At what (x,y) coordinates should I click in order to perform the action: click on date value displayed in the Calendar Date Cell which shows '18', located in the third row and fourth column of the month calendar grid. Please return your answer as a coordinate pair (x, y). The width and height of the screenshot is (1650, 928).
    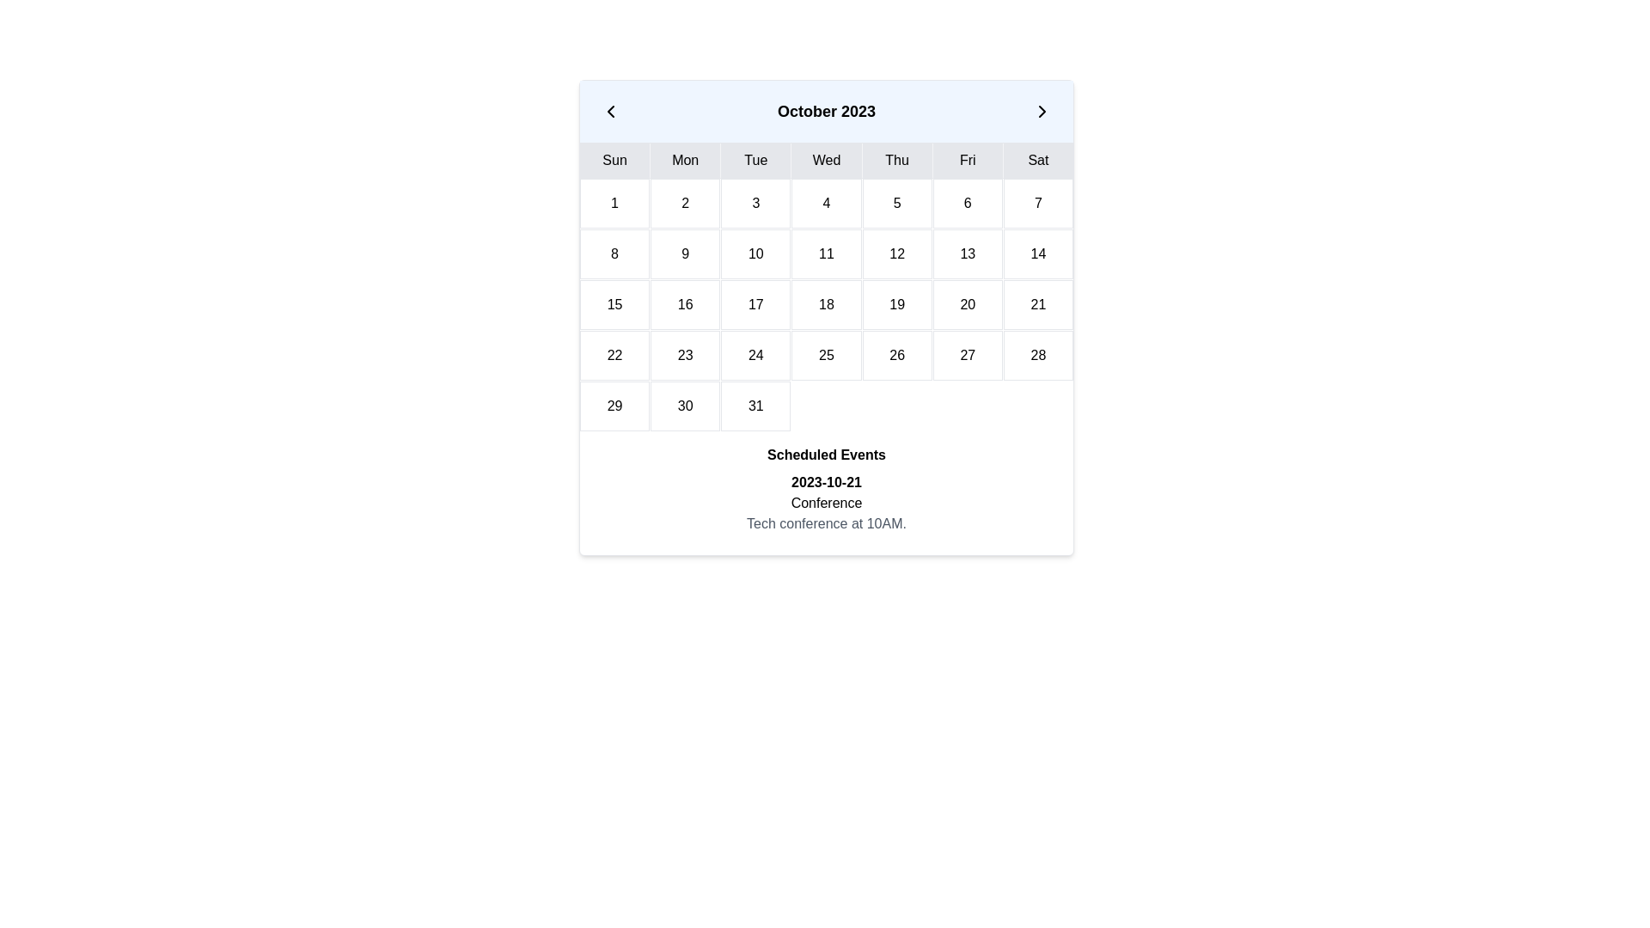
    Looking at the image, I should click on (826, 303).